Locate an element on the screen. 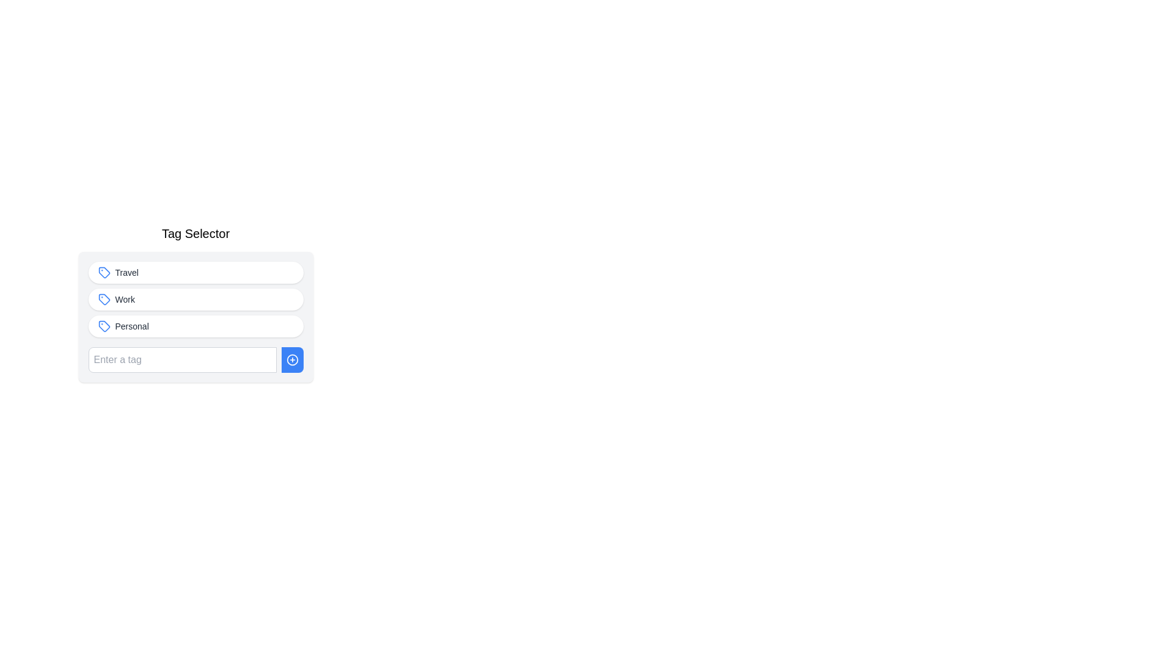  the 'Personal' category icon in the tag list, which is the third item under the 'Tag Selector' section is located at coordinates (104, 326).